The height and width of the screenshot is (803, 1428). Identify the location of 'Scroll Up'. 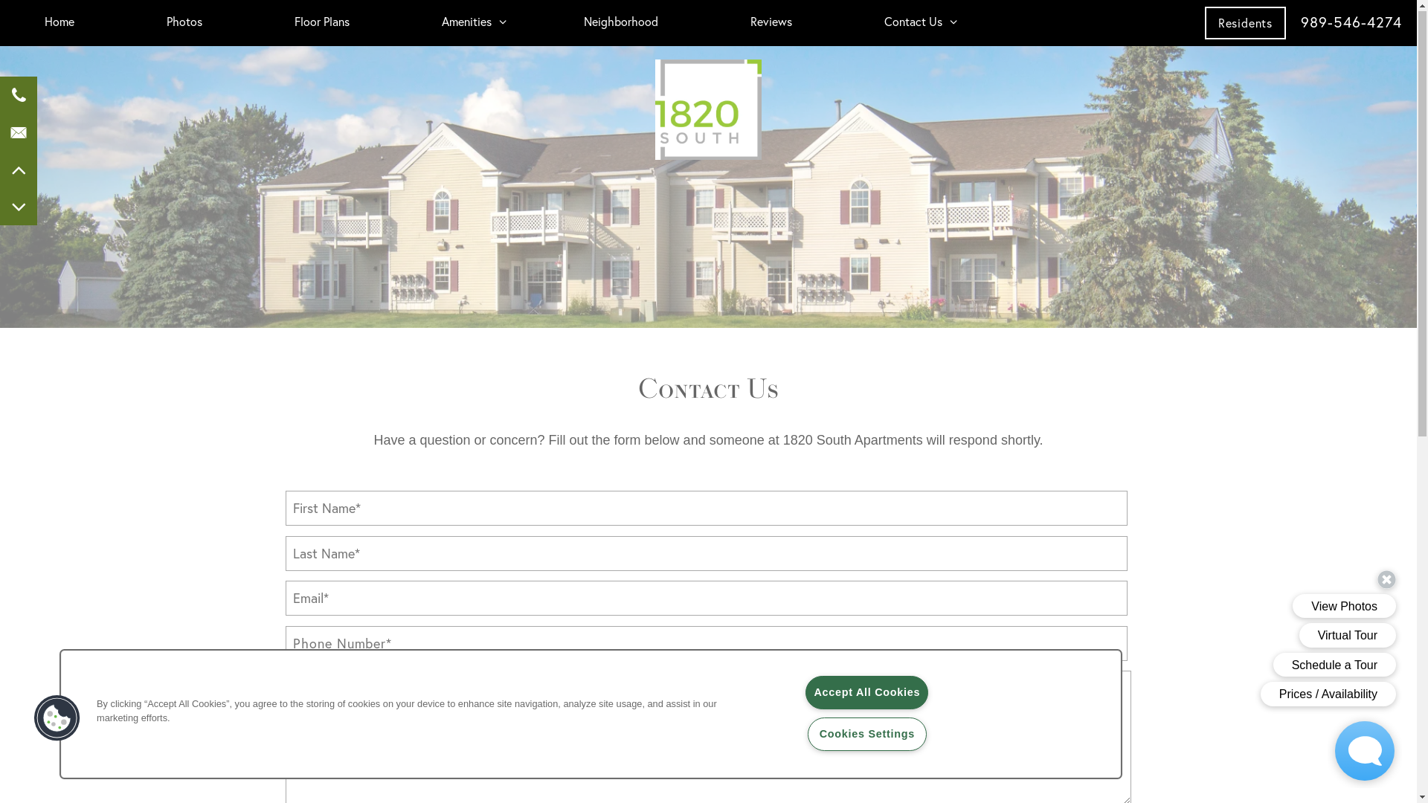
(18, 169).